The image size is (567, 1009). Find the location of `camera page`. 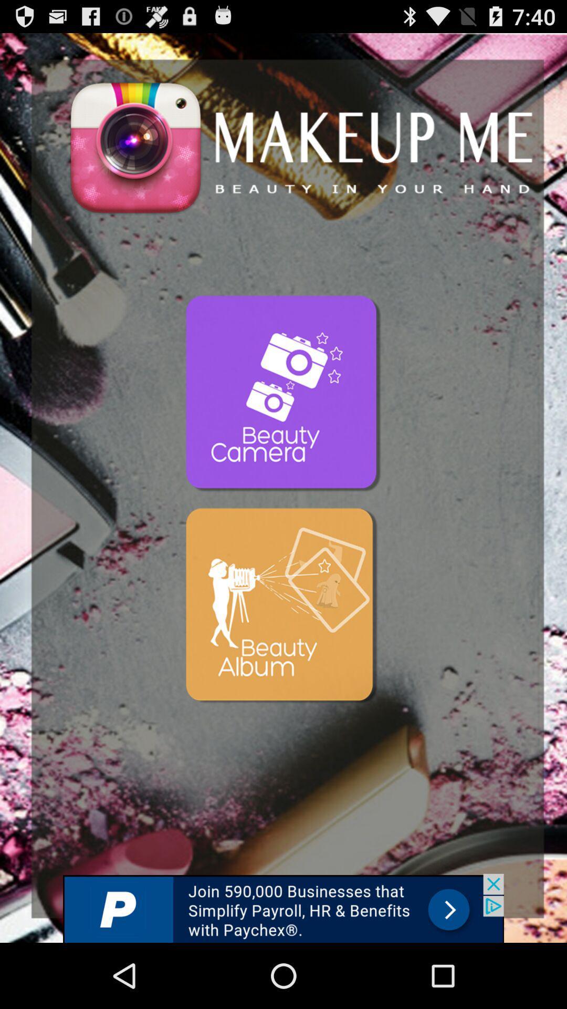

camera page is located at coordinates (283, 394).